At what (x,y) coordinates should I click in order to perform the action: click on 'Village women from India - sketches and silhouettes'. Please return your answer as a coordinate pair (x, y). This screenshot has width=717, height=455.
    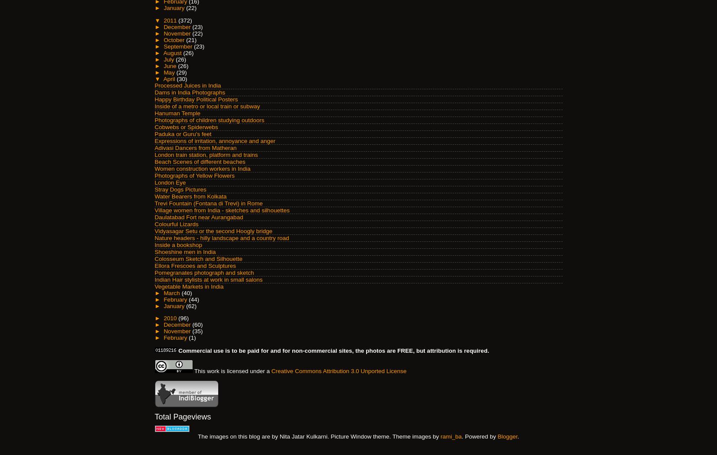
    Looking at the image, I should click on (221, 210).